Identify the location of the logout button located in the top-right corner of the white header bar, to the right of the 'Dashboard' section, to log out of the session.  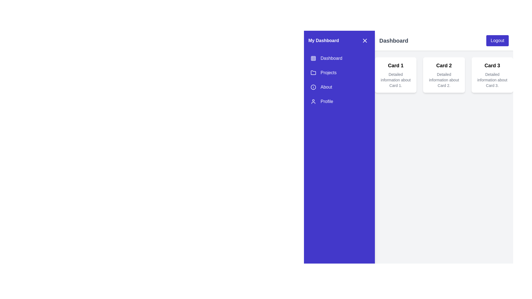
(497, 40).